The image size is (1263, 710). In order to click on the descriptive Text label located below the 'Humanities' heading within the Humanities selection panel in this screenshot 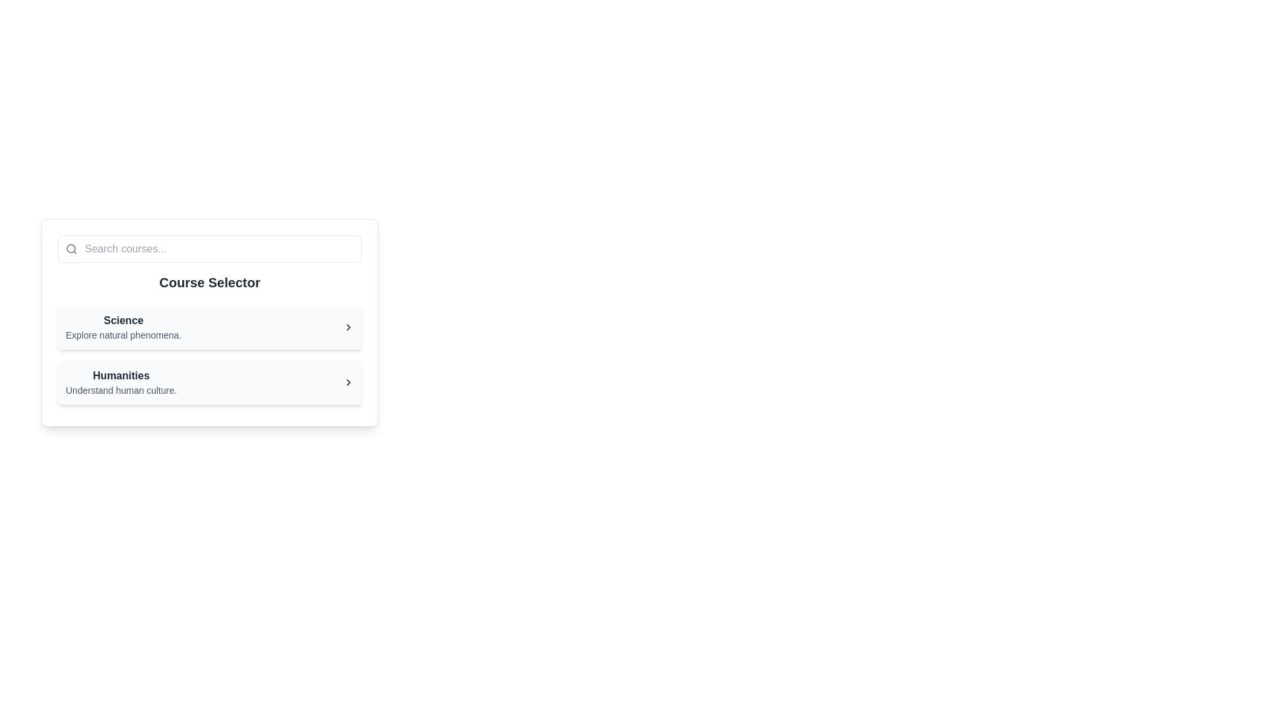, I will do `click(121, 390)`.